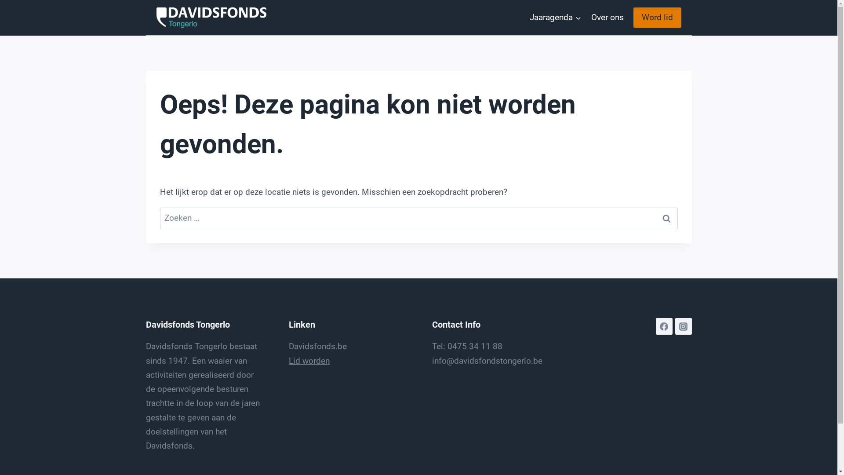  What do you see at coordinates (317, 346) in the screenshot?
I see `'Davidsfonds.be'` at bounding box center [317, 346].